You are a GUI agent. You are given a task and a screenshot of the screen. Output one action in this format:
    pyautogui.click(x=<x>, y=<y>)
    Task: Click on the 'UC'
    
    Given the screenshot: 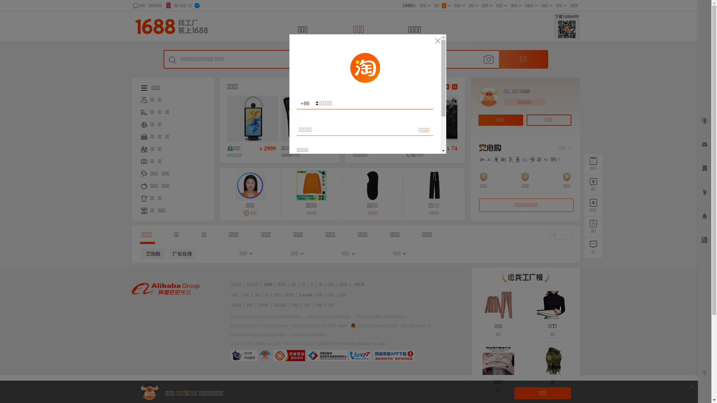 What is the action you would take?
    pyautogui.click(x=246, y=294)
    